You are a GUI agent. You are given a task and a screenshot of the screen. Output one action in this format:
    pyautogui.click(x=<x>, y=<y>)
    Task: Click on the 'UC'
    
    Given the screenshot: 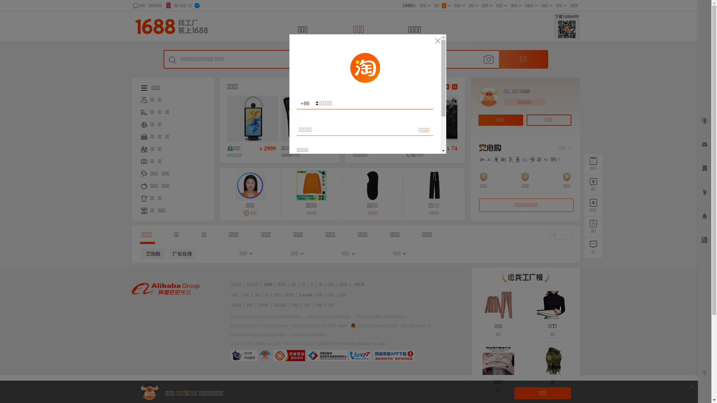 What is the action you would take?
    pyautogui.click(x=246, y=294)
    